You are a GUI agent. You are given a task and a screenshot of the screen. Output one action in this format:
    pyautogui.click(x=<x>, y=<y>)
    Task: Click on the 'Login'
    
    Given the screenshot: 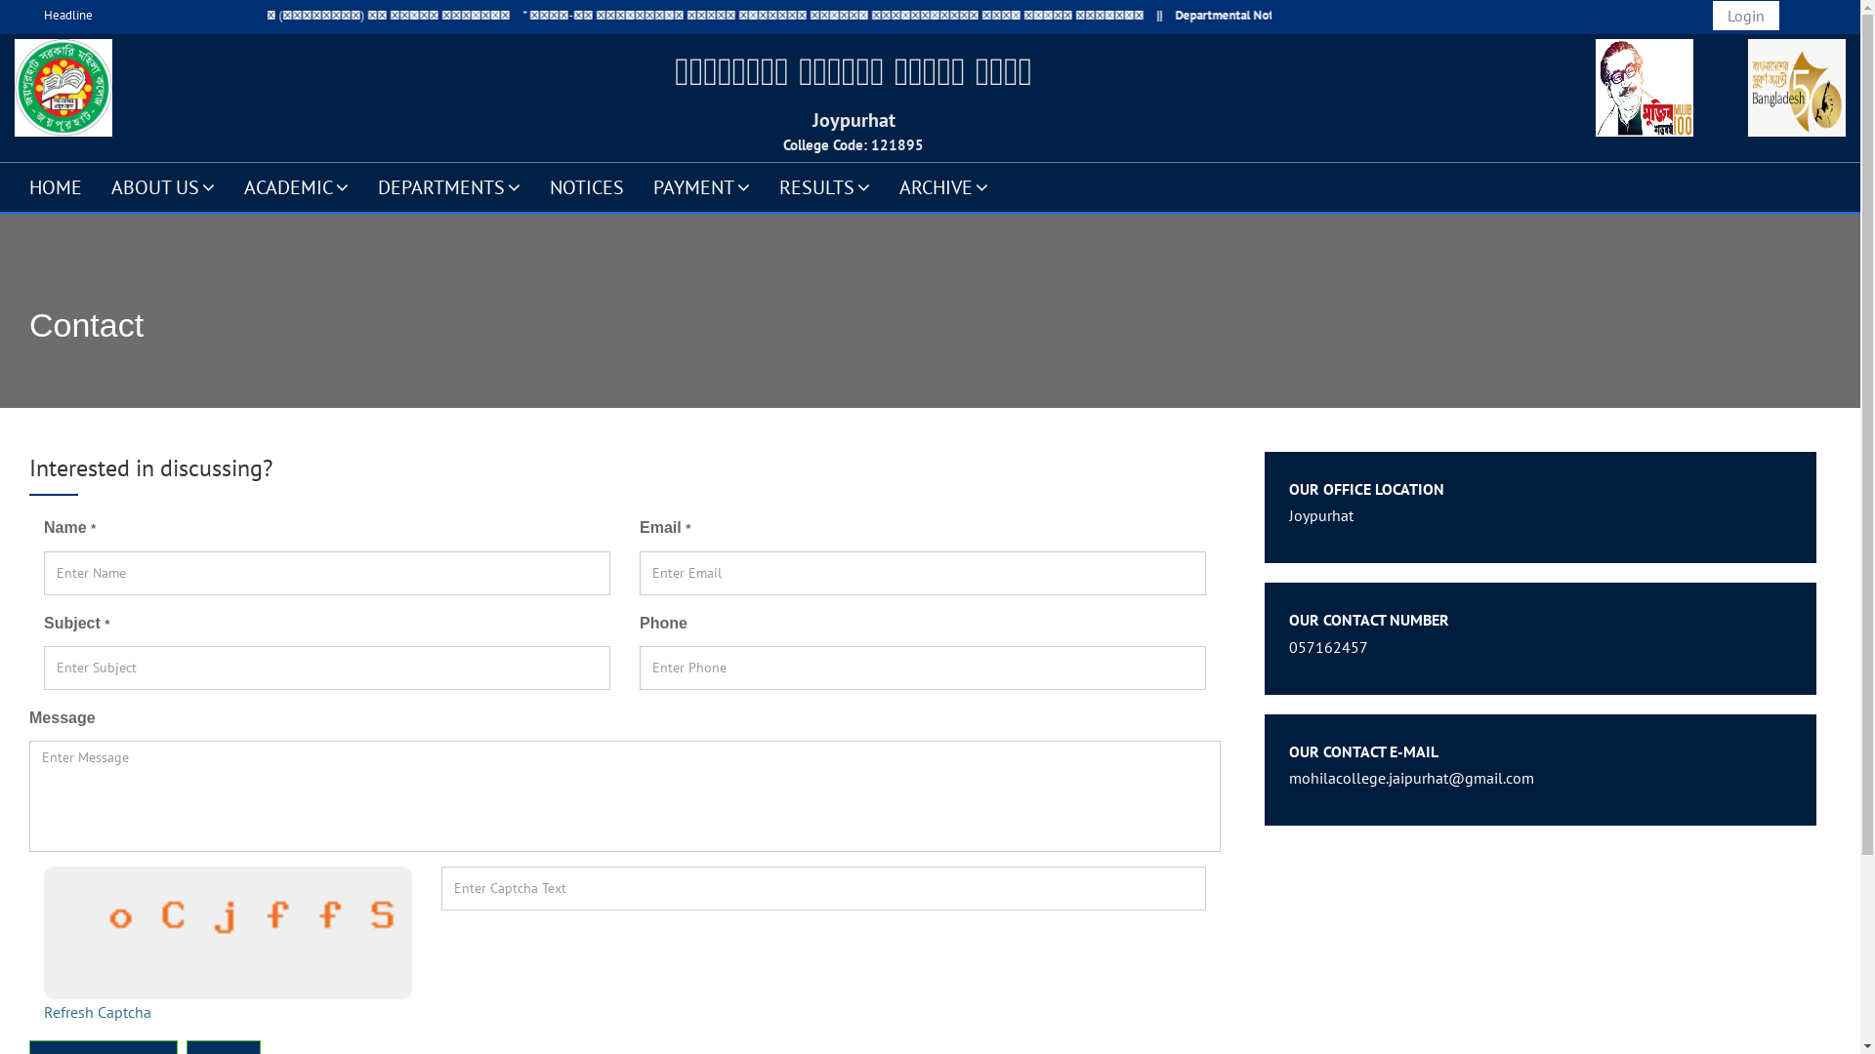 What is the action you would take?
    pyautogui.click(x=1746, y=15)
    